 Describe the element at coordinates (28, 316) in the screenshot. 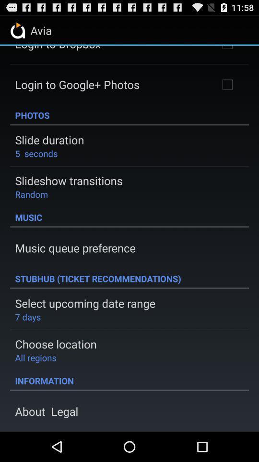

I see `the icon below select upcoming date icon` at that location.